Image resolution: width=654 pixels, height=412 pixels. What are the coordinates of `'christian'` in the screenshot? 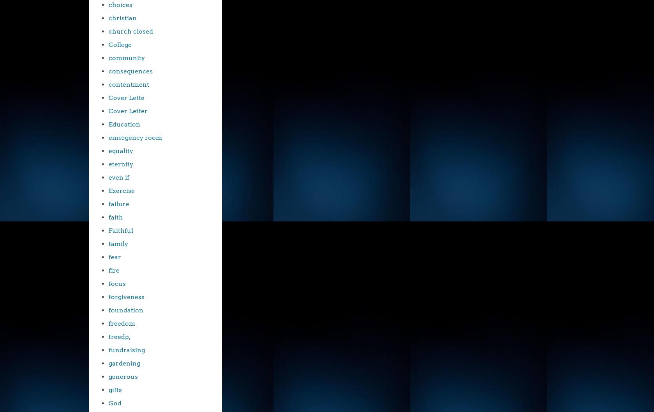 It's located at (123, 18).